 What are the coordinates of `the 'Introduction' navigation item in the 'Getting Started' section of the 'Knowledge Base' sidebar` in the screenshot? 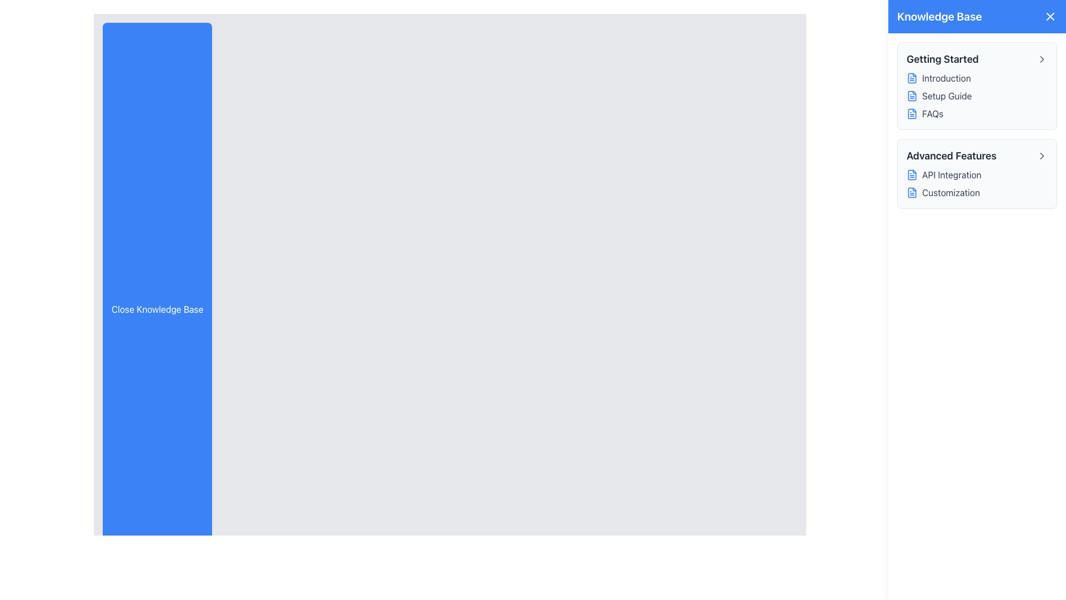 It's located at (977, 78).